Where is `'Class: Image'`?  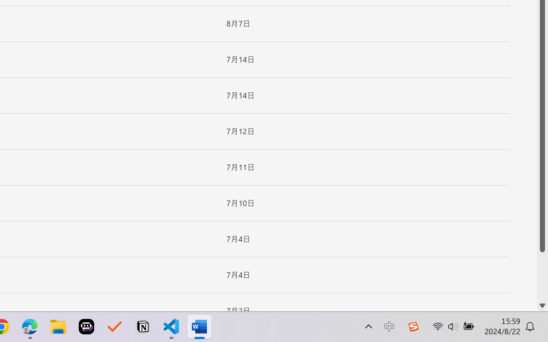 'Class: Image' is located at coordinates (413, 327).